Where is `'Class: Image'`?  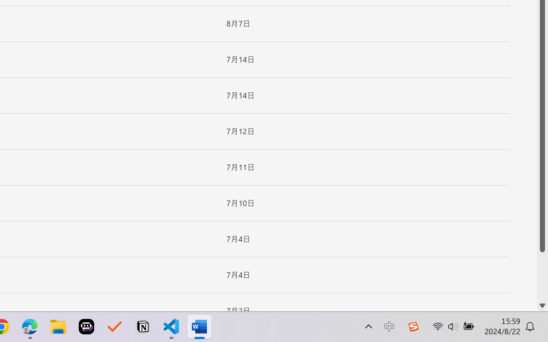 'Class: Image' is located at coordinates (413, 327).